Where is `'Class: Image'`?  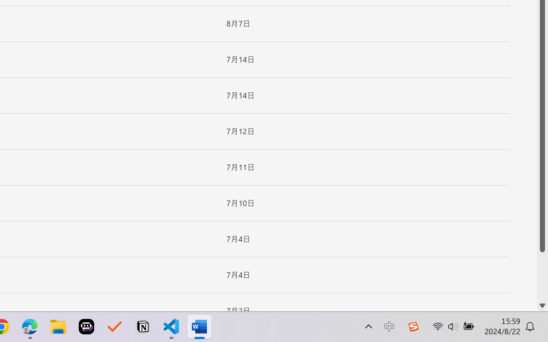 'Class: Image' is located at coordinates (413, 327).